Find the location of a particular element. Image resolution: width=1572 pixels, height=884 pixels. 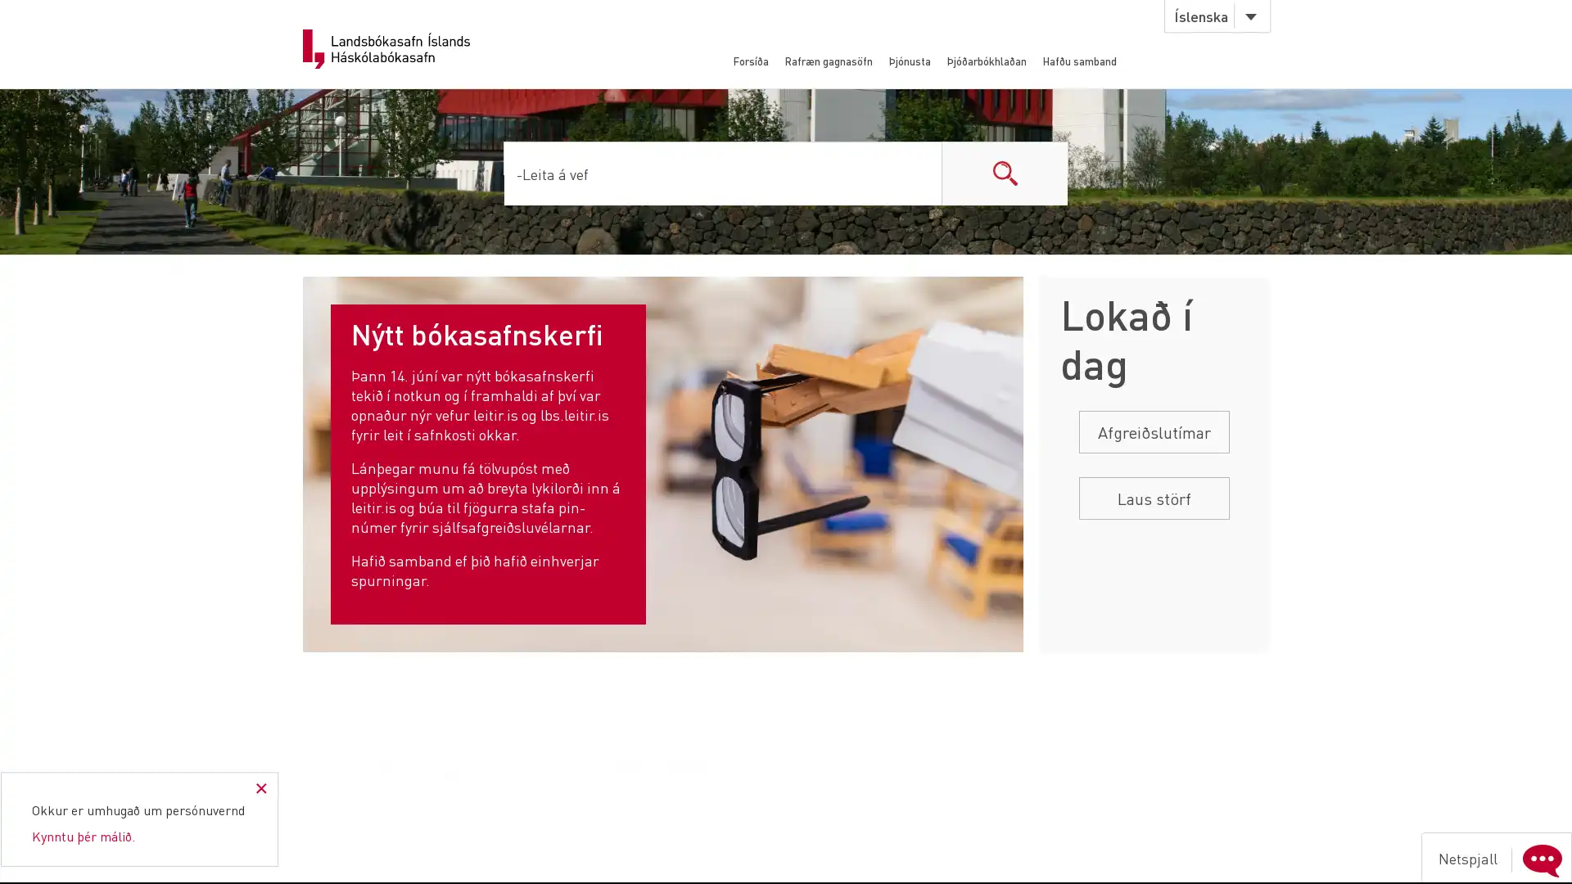

leita is located at coordinates (1004, 173).